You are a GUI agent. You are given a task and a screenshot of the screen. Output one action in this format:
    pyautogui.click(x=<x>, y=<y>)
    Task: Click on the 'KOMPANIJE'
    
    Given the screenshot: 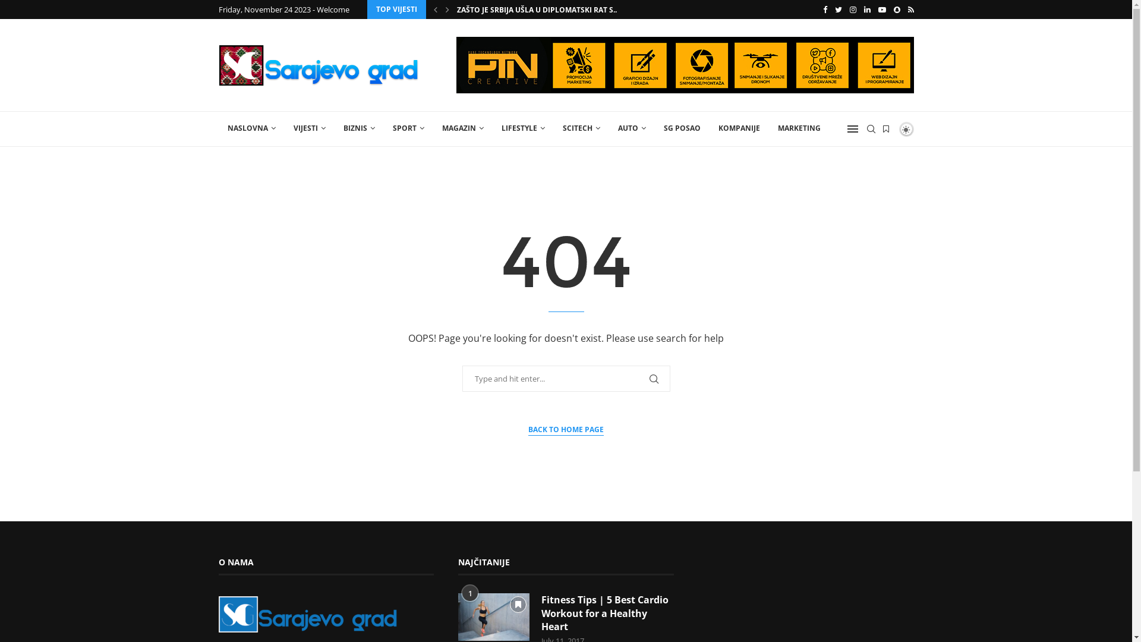 What is the action you would take?
    pyautogui.click(x=710, y=128)
    